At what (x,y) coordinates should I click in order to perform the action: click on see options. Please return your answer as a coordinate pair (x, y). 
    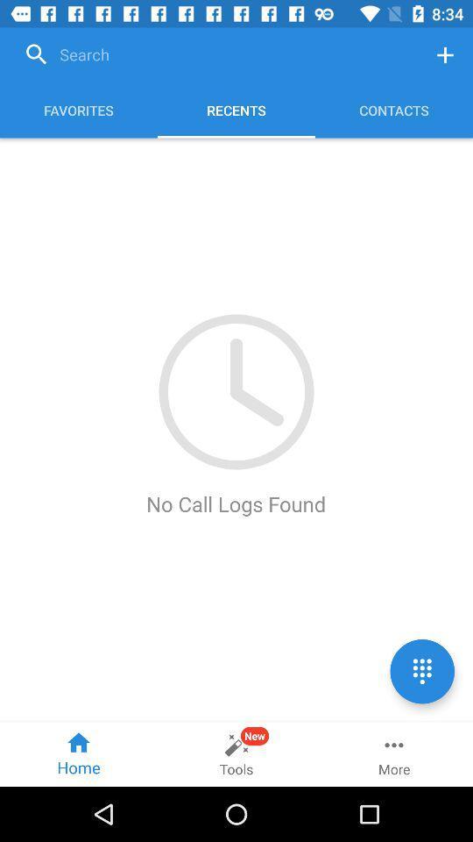
    Looking at the image, I should click on (421, 670).